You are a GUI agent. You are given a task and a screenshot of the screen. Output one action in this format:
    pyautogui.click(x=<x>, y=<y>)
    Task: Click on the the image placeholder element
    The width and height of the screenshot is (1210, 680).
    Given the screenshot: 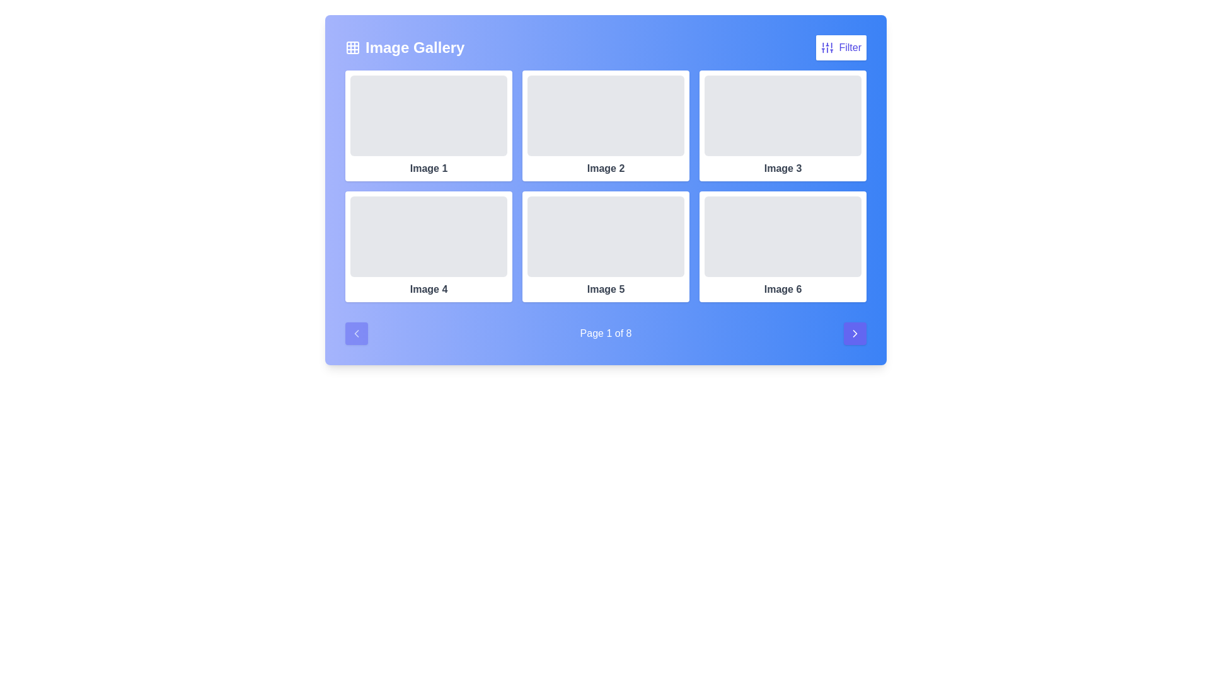 What is the action you would take?
    pyautogui.click(x=606, y=116)
    